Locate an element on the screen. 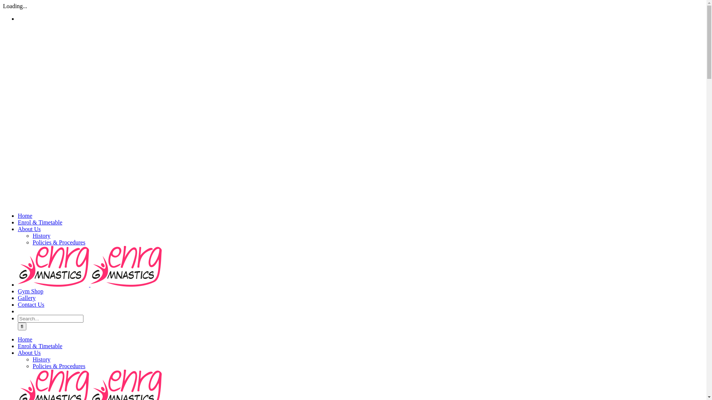  'Contact Us' is located at coordinates (30, 304).